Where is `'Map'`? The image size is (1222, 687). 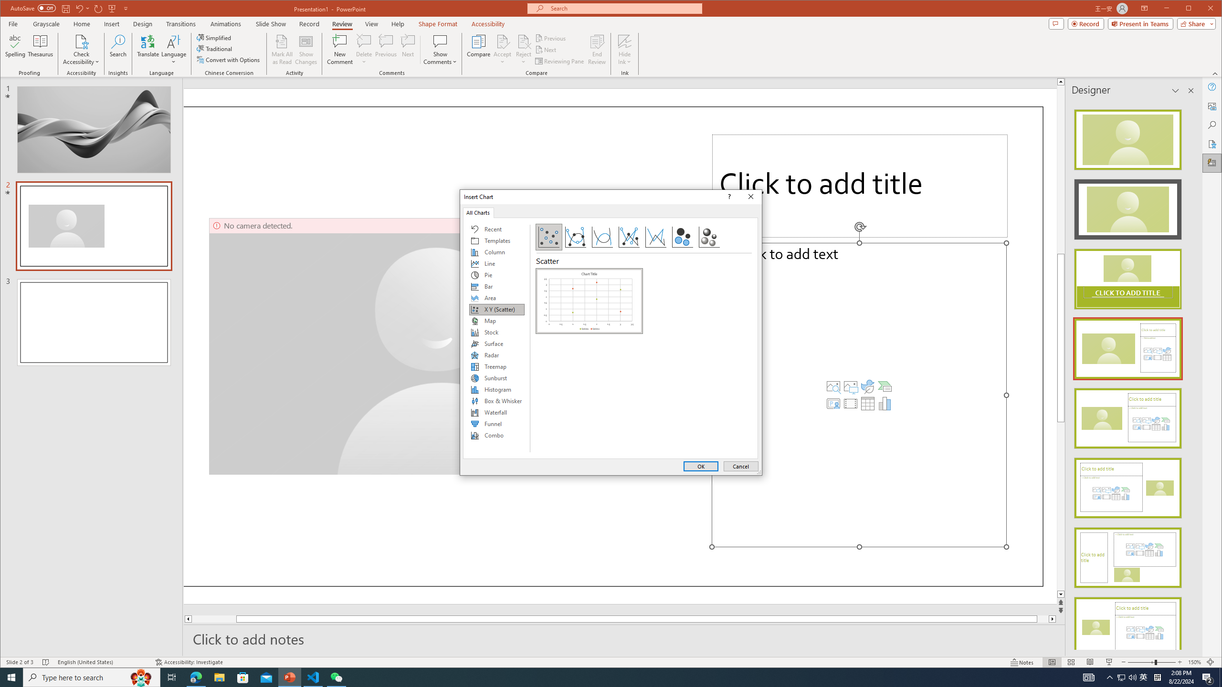 'Map' is located at coordinates (496, 321).